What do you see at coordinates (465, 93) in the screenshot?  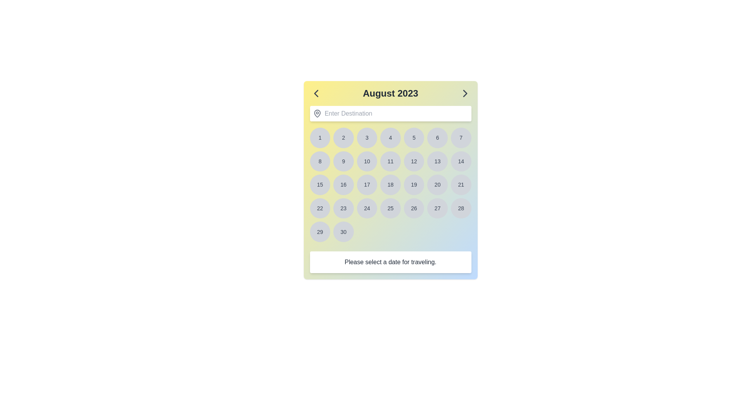 I see `the navigation button located to the right of 'August 2023'` at bounding box center [465, 93].